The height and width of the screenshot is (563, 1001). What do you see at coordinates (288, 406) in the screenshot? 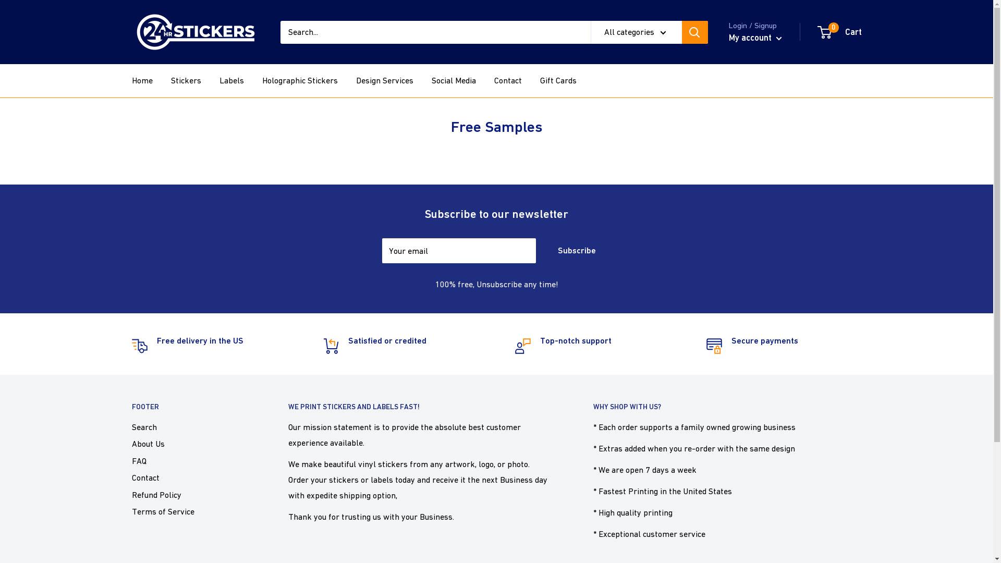
I see `'WE PRINT STICKERS AND LABELS FAST!'` at bounding box center [288, 406].